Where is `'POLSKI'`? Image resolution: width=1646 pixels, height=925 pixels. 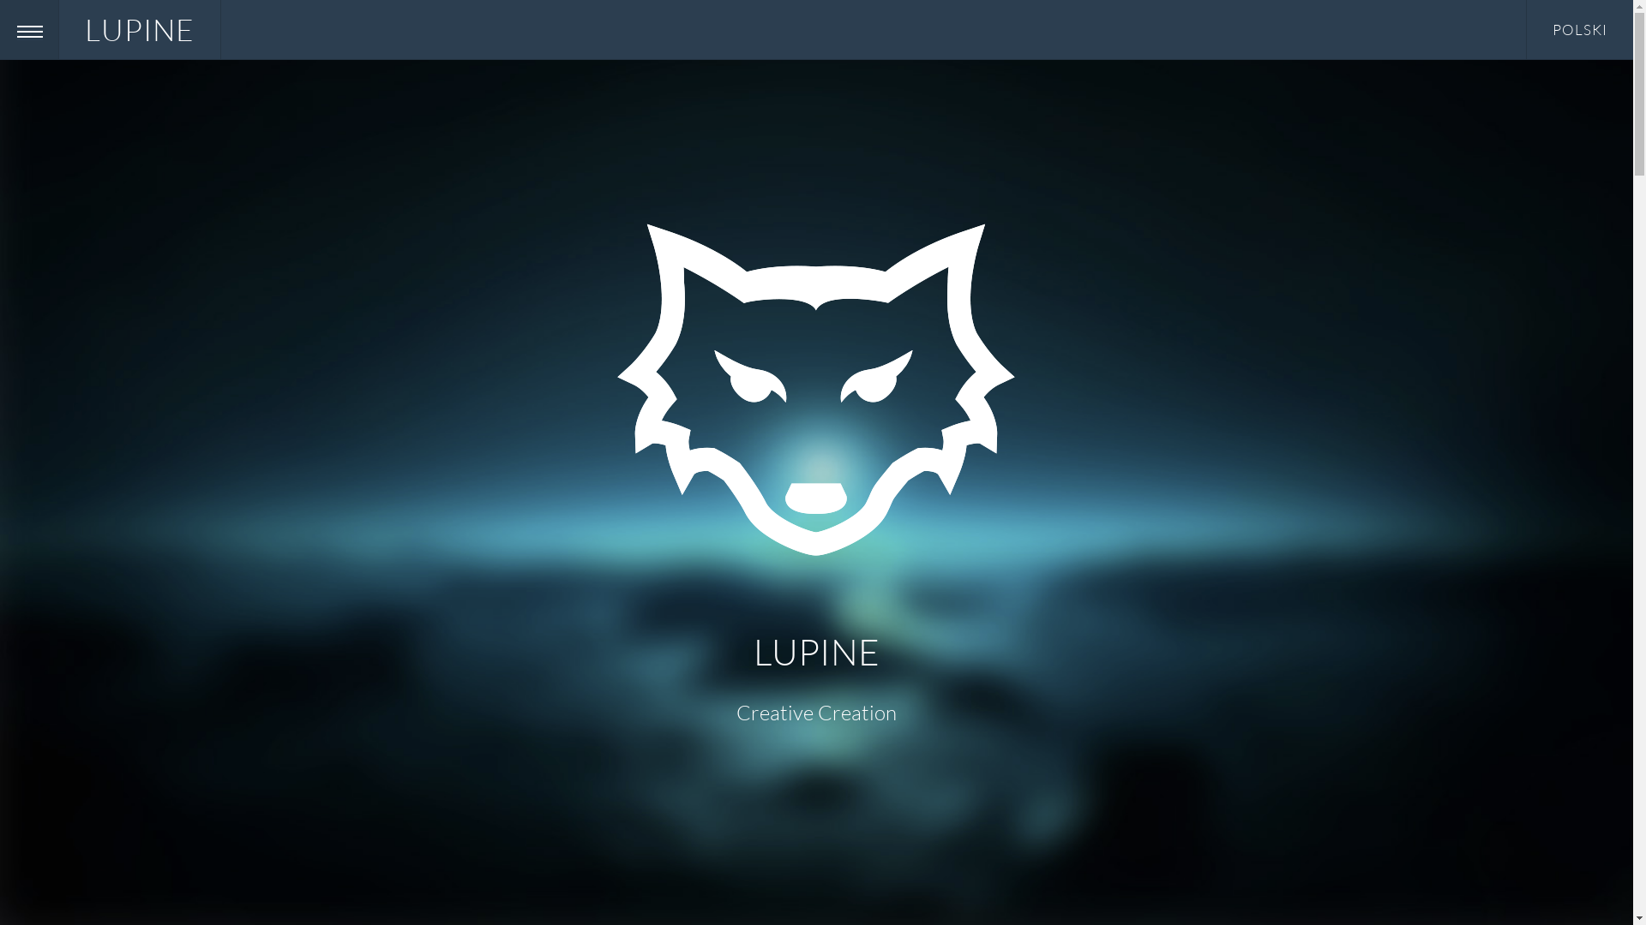 'POLSKI' is located at coordinates (1579, 29).